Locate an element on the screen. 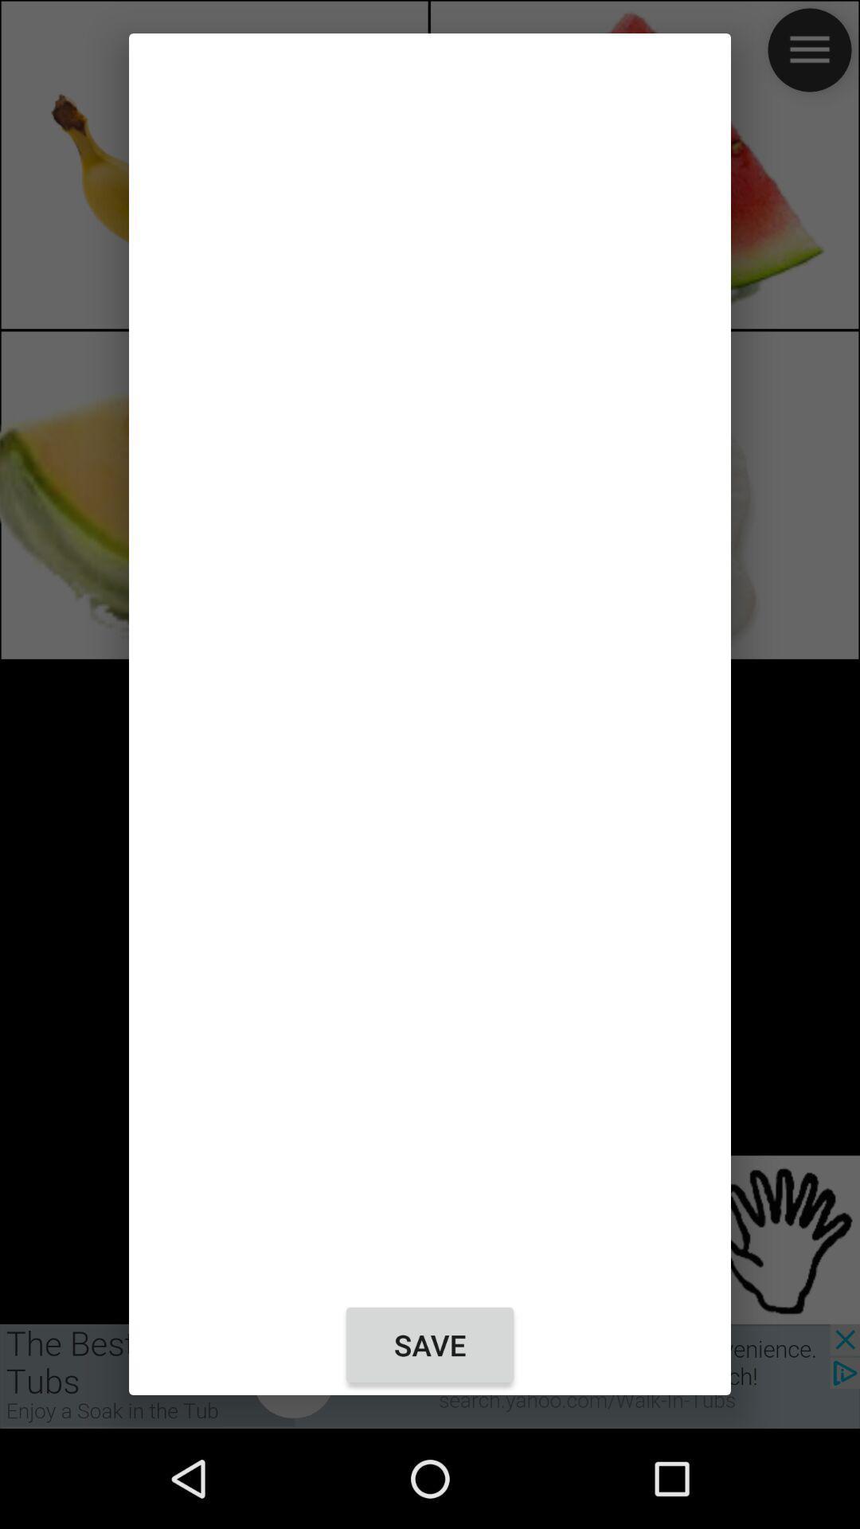 Image resolution: width=860 pixels, height=1529 pixels. save is located at coordinates (430, 1344).